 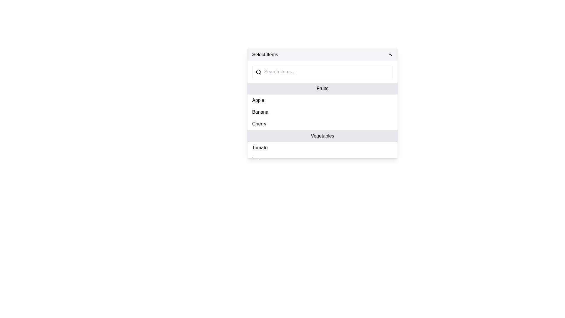 What do you see at coordinates (260, 147) in the screenshot?
I see `the 'Tomato' text label` at bounding box center [260, 147].